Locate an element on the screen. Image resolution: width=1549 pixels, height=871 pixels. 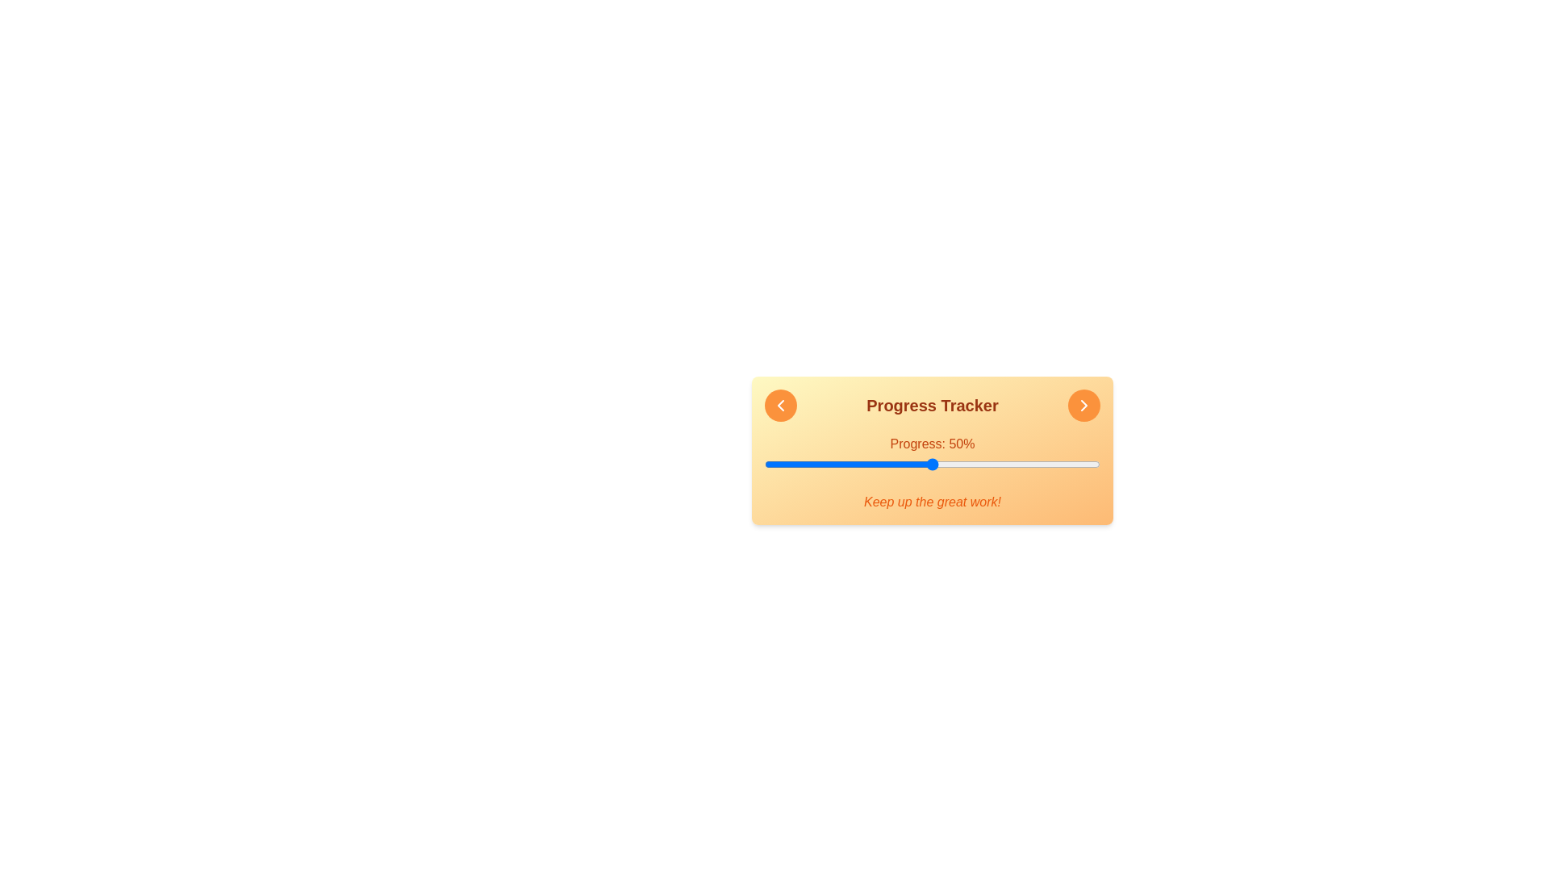
right arrow button to increase the progress is located at coordinates (1084, 404).